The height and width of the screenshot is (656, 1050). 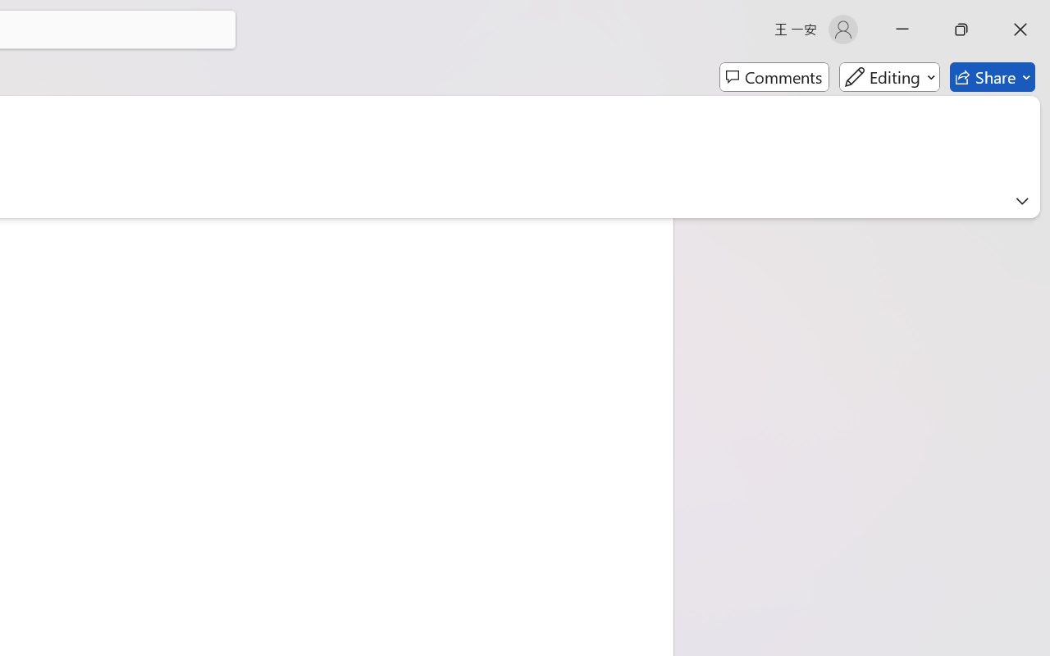 I want to click on 'Minimize', so click(x=902, y=29).